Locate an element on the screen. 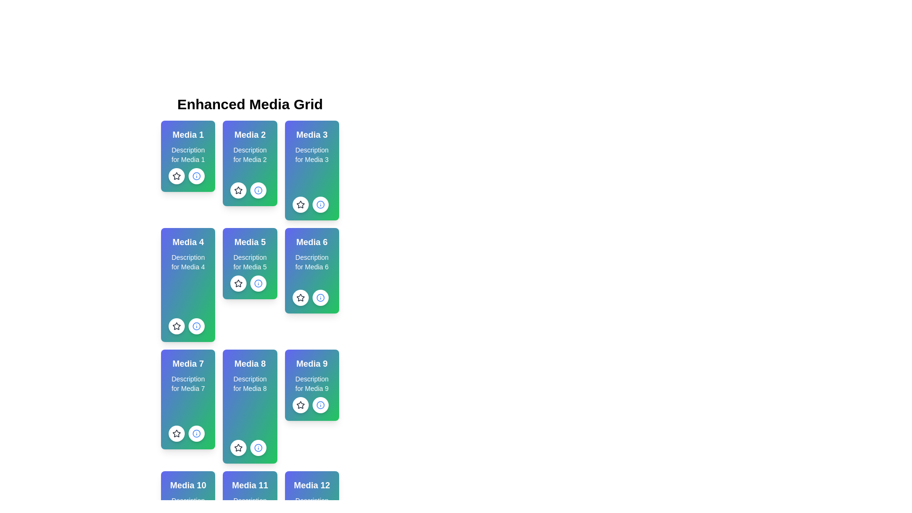 The height and width of the screenshot is (513, 912). the static text label that describes 'Media 1', which is located directly underneath the title text within the card is located at coordinates (188, 154).